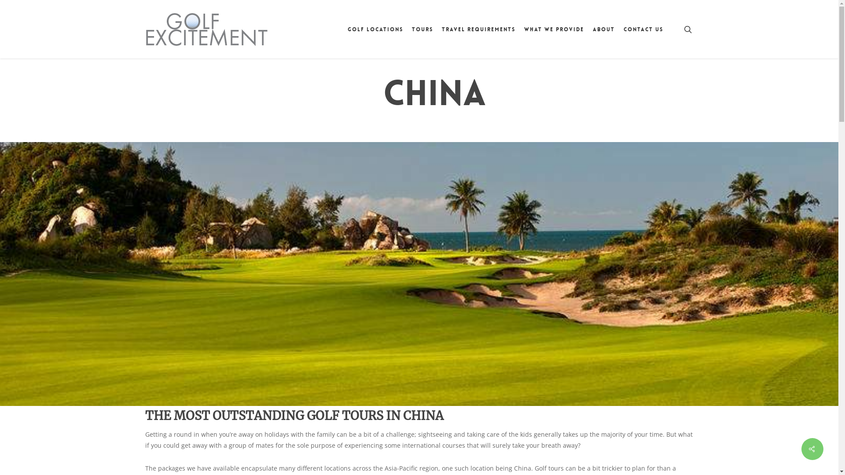 This screenshot has height=475, width=845. I want to click on 'TRAVEL REQUIREMENTS', so click(478, 28).